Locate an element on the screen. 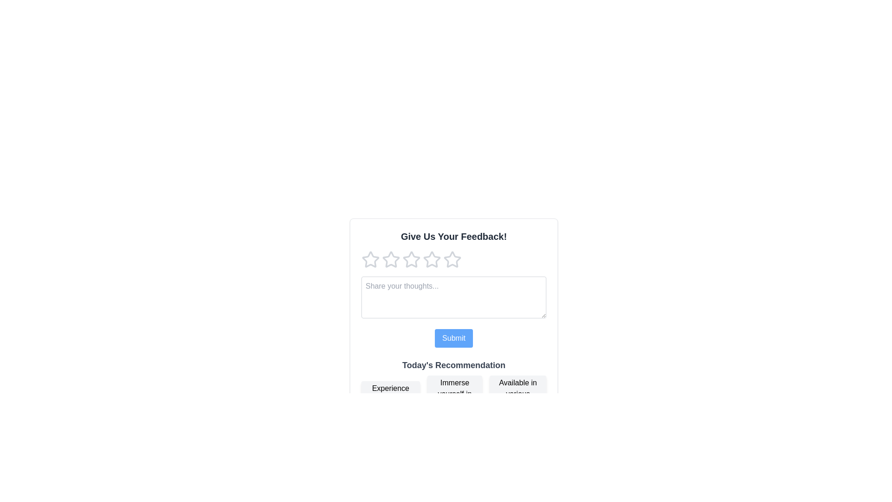 This screenshot has width=892, height=502. the third star icon in the rating section is located at coordinates (432, 259).